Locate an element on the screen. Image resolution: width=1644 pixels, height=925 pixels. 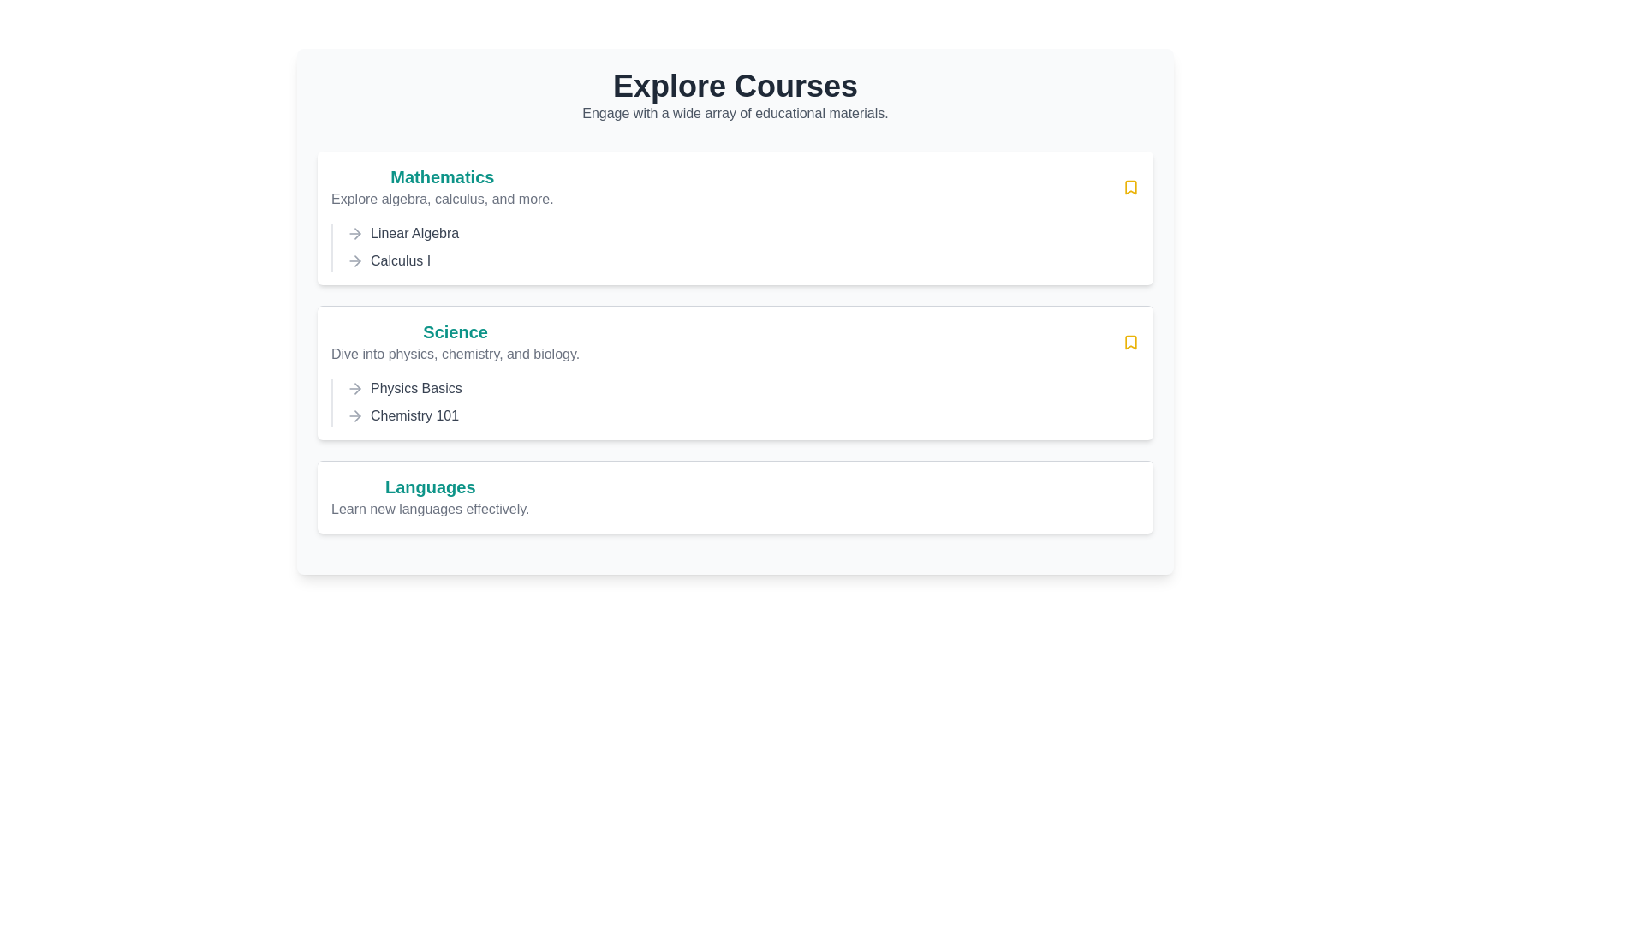
the informational text block providing details about the Mathematics subject, located in the first card of the Explore Courses page is located at coordinates (442, 188).